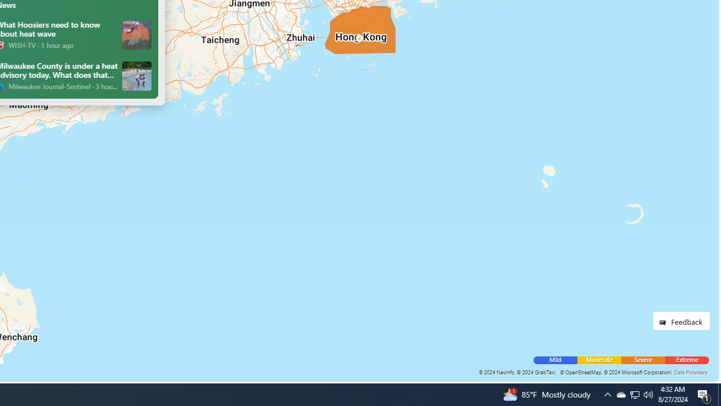 The height and width of the screenshot is (406, 721). I want to click on 'Data Providers', so click(689, 372).